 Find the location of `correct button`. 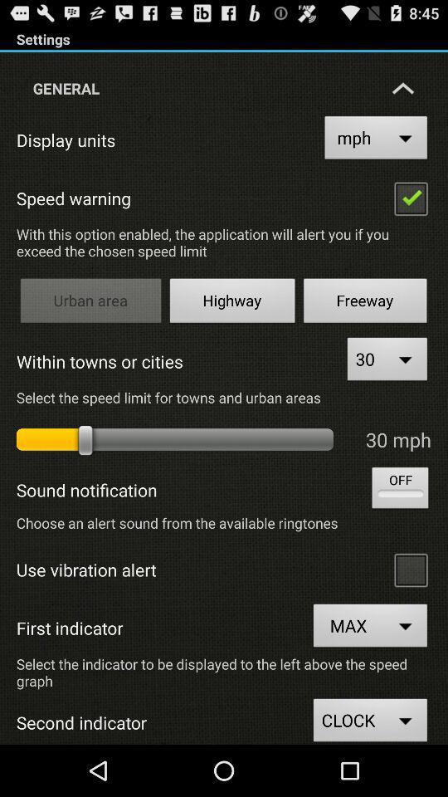

correct button is located at coordinates (410, 198).